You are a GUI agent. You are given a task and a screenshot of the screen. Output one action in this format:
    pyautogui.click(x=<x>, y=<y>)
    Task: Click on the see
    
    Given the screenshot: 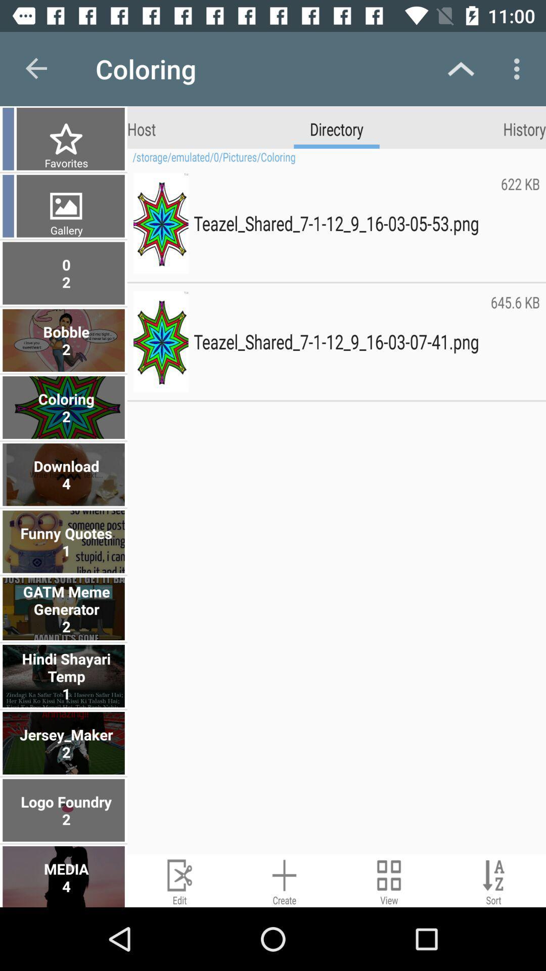 What is the action you would take?
    pyautogui.click(x=388, y=880)
    